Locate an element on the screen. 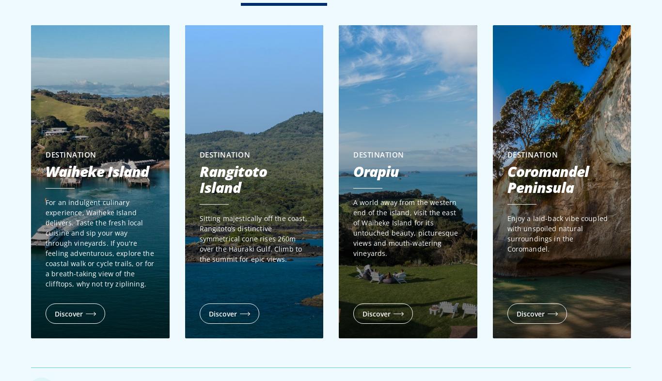 Image resolution: width=662 pixels, height=381 pixels. 'Coromandel Peninsula' is located at coordinates (506, 179).